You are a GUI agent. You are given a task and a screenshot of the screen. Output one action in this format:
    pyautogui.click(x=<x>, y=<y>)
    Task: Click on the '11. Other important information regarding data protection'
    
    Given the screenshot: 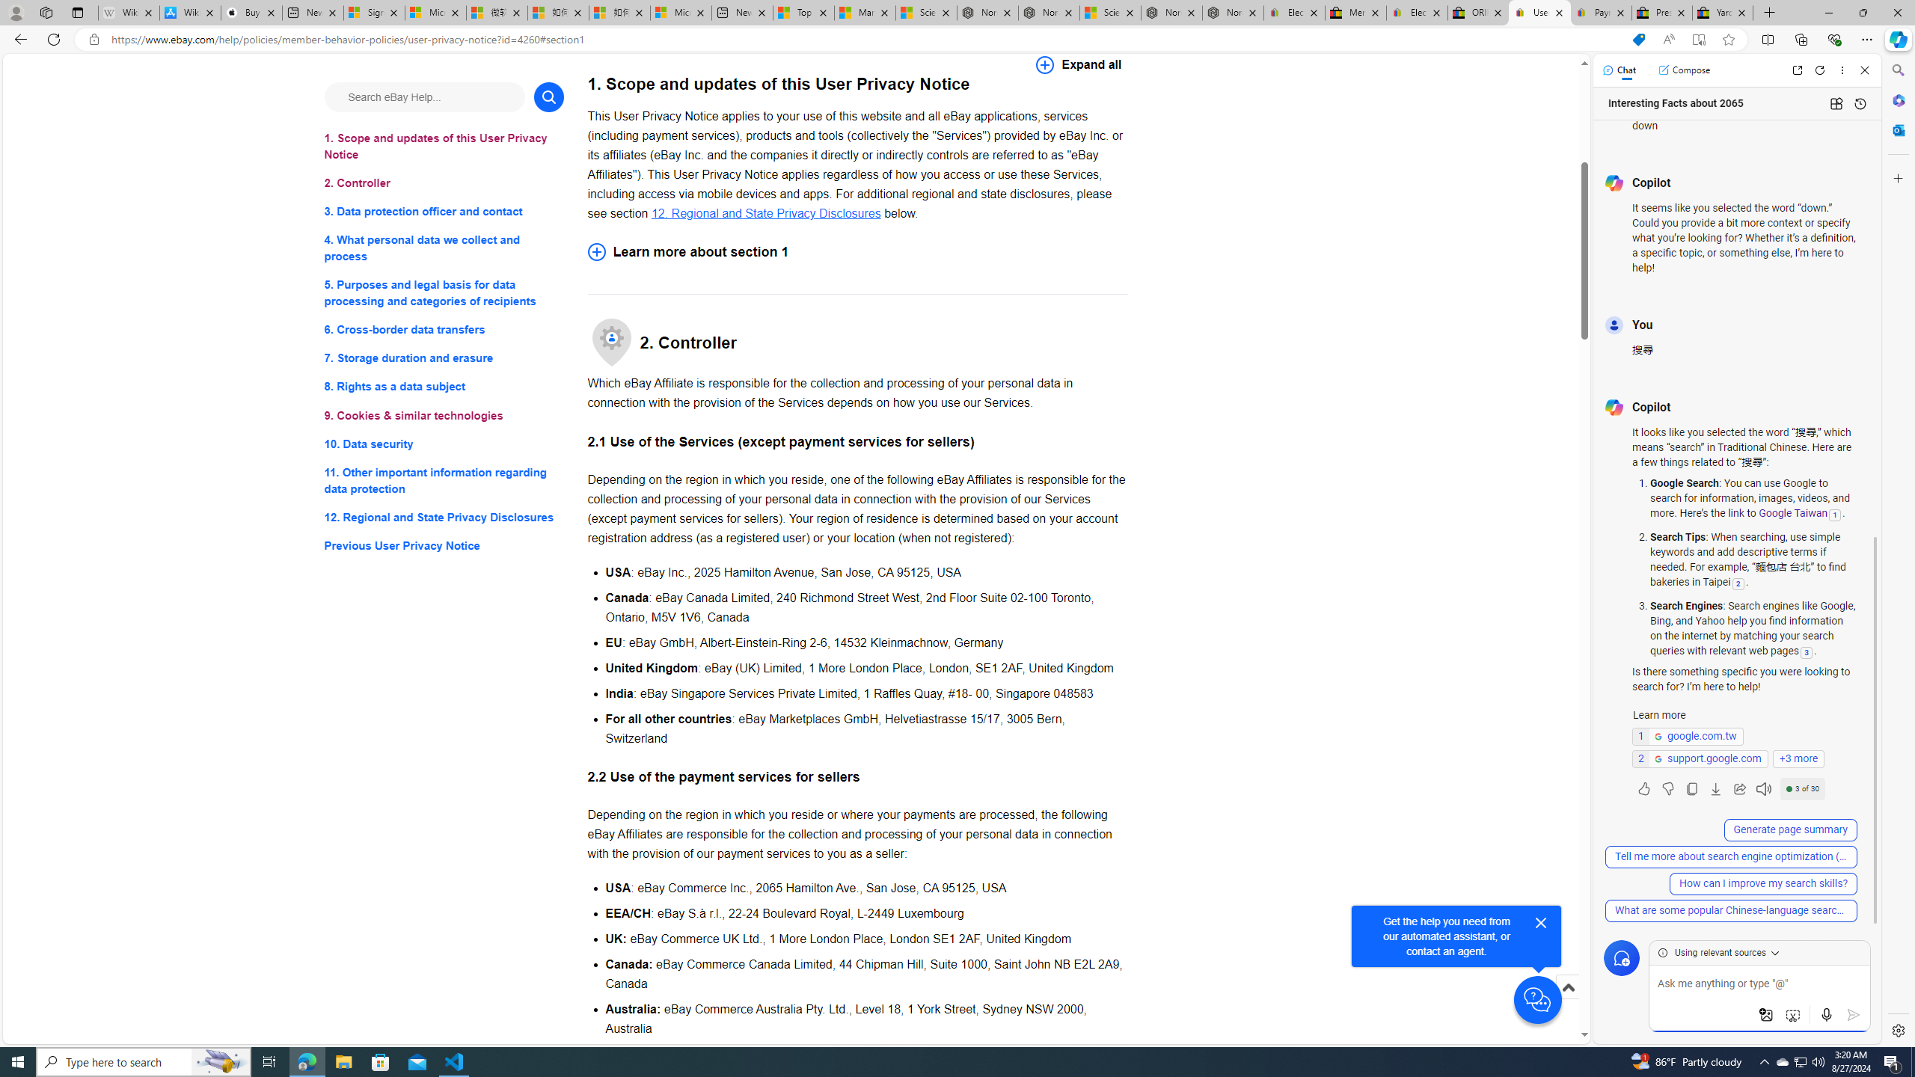 What is the action you would take?
    pyautogui.click(x=443, y=480)
    